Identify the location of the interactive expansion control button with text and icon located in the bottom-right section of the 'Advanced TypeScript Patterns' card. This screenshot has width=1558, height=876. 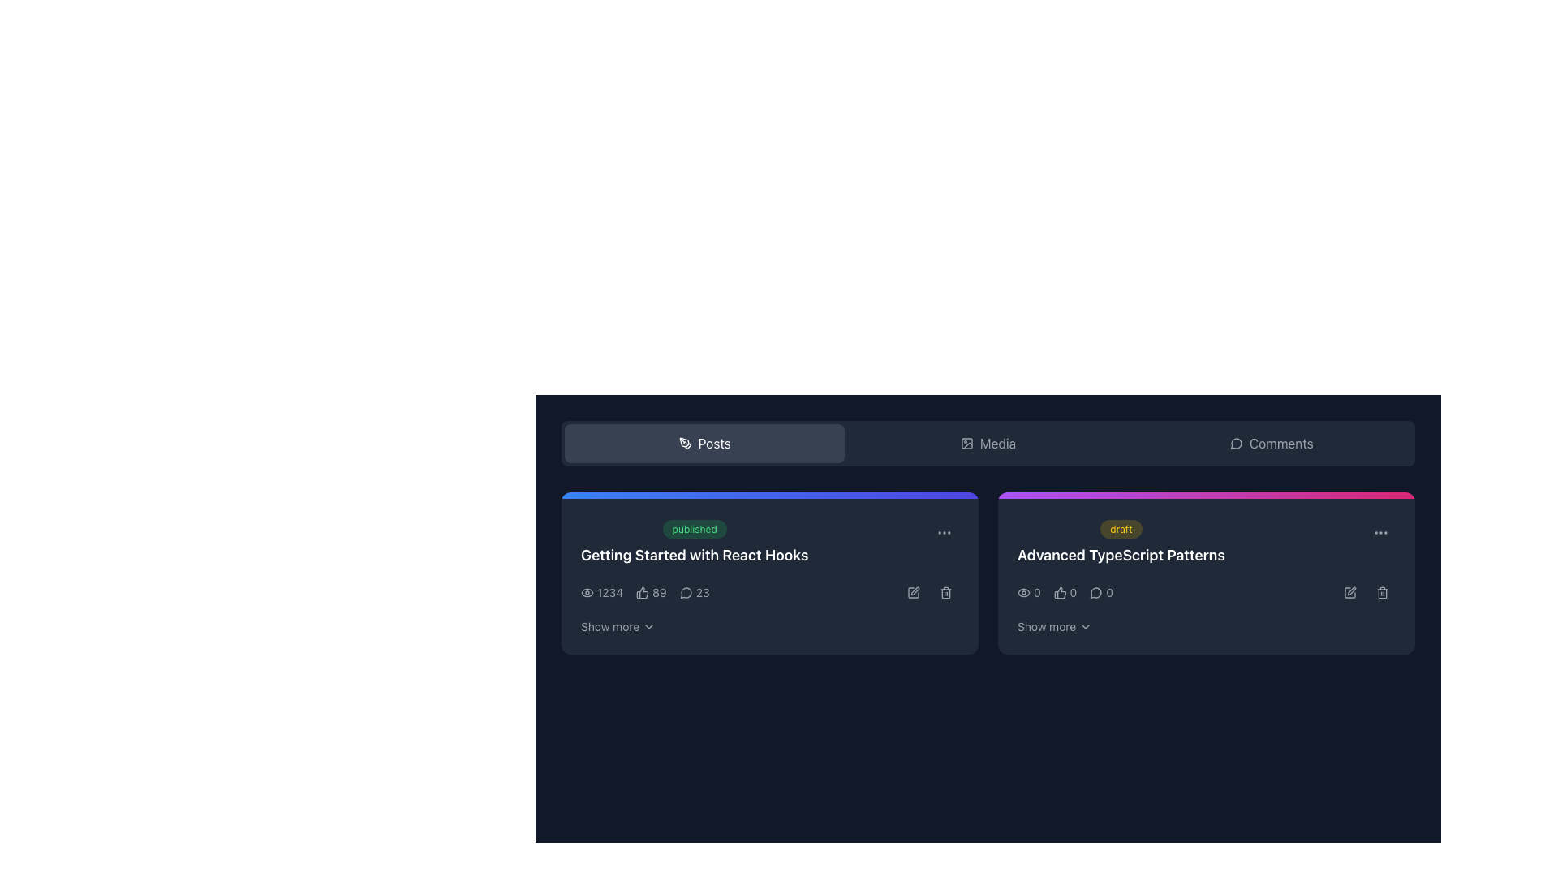
(1055, 625).